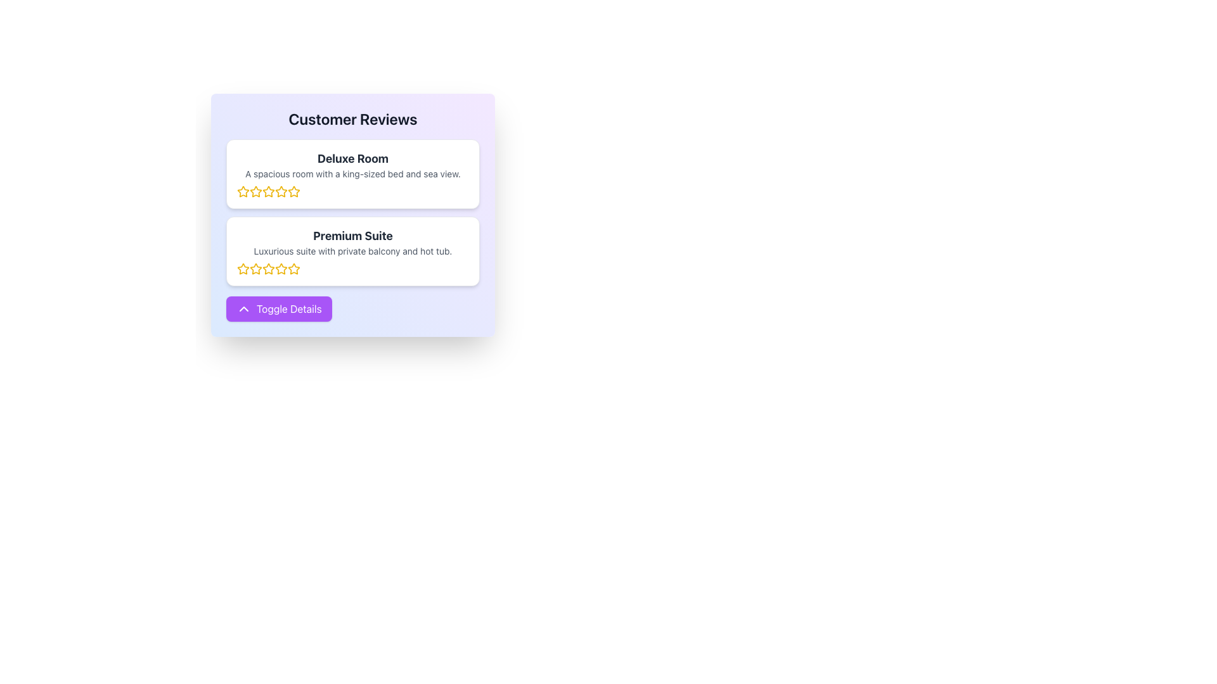  Describe the element at coordinates (243, 192) in the screenshot. I see `the first star-shaped icon with a yellow fill and stroke, located under the 'Deluxe Room' heading in the 'Customer Reviews' section` at that location.